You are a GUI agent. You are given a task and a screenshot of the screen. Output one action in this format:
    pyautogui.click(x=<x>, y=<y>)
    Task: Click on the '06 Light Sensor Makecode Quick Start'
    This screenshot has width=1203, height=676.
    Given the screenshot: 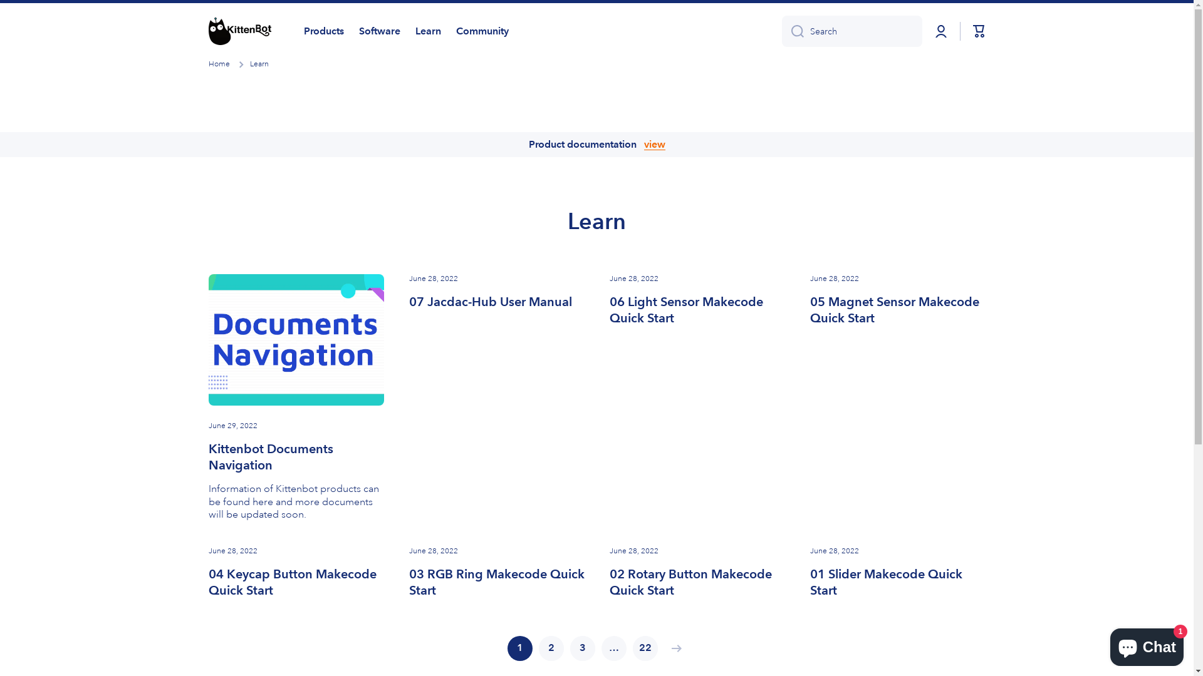 What is the action you would take?
    pyautogui.click(x=696, y=309)
    